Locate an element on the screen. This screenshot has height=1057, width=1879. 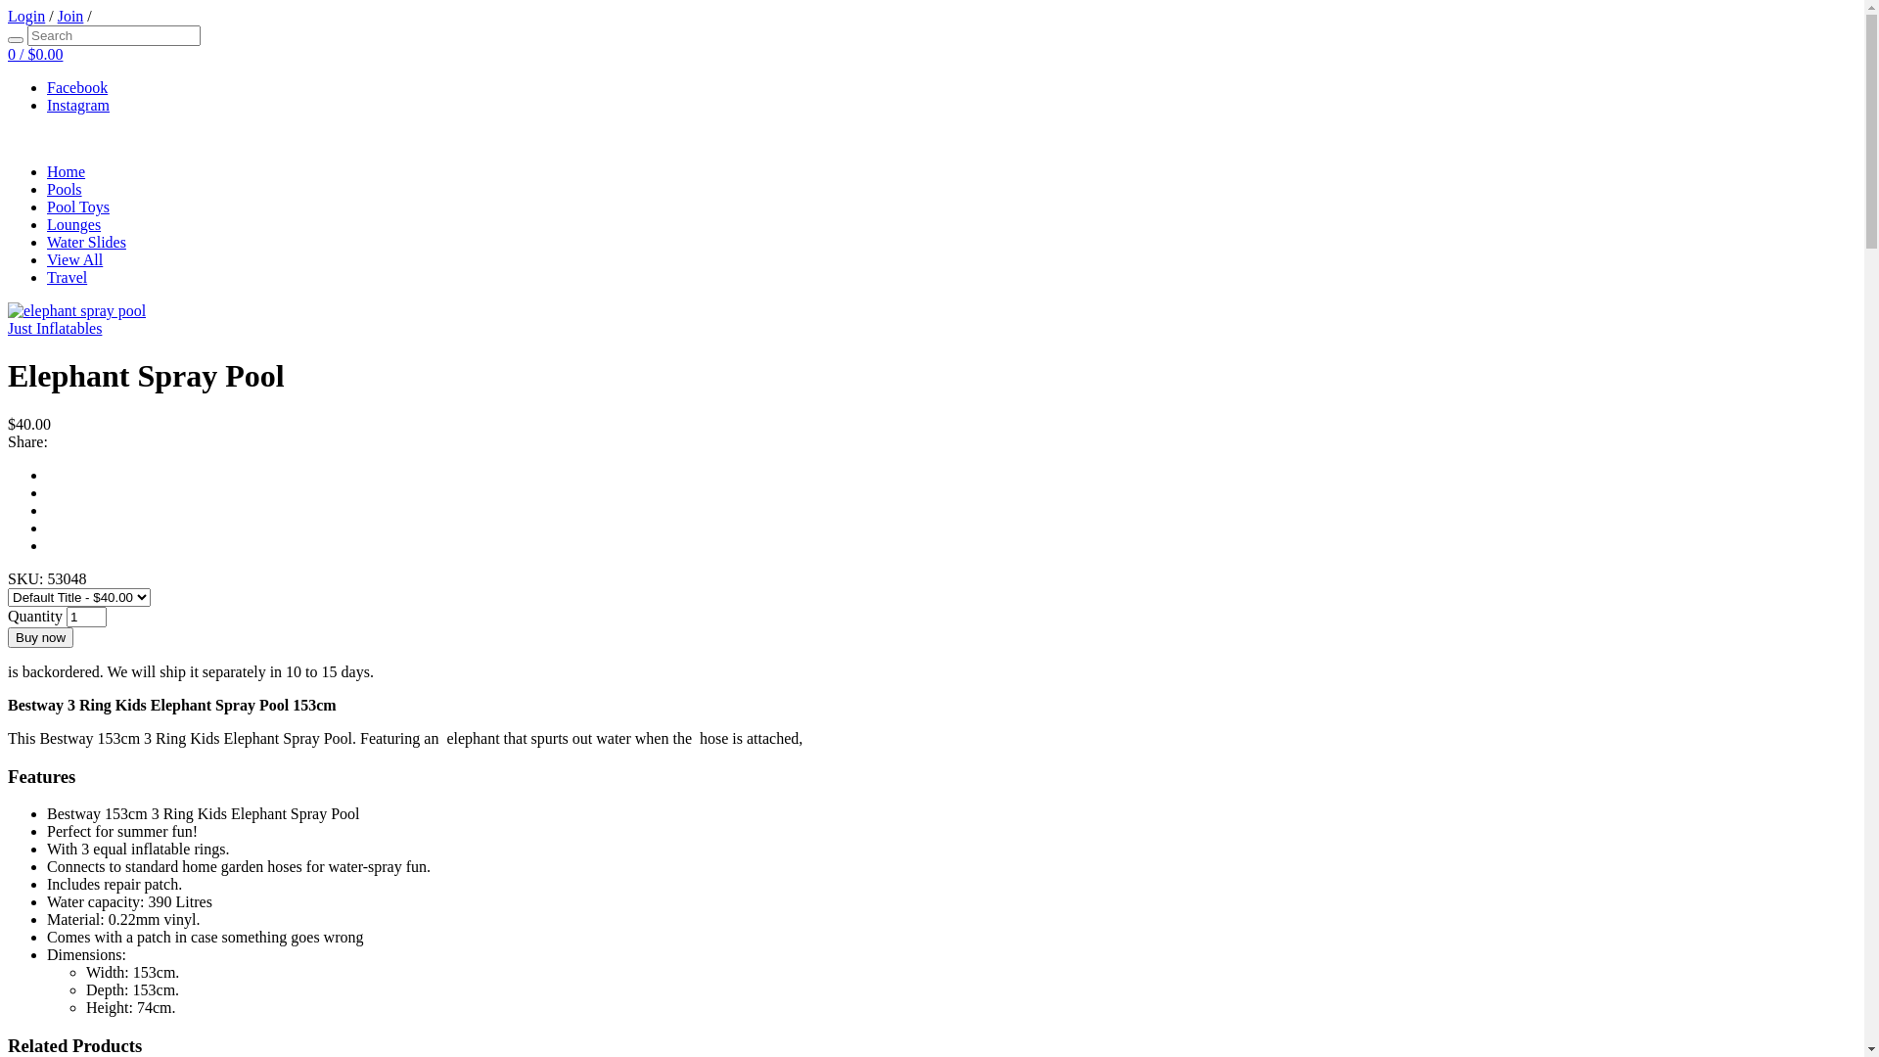
'View All' is located at coordinates (74, 258).